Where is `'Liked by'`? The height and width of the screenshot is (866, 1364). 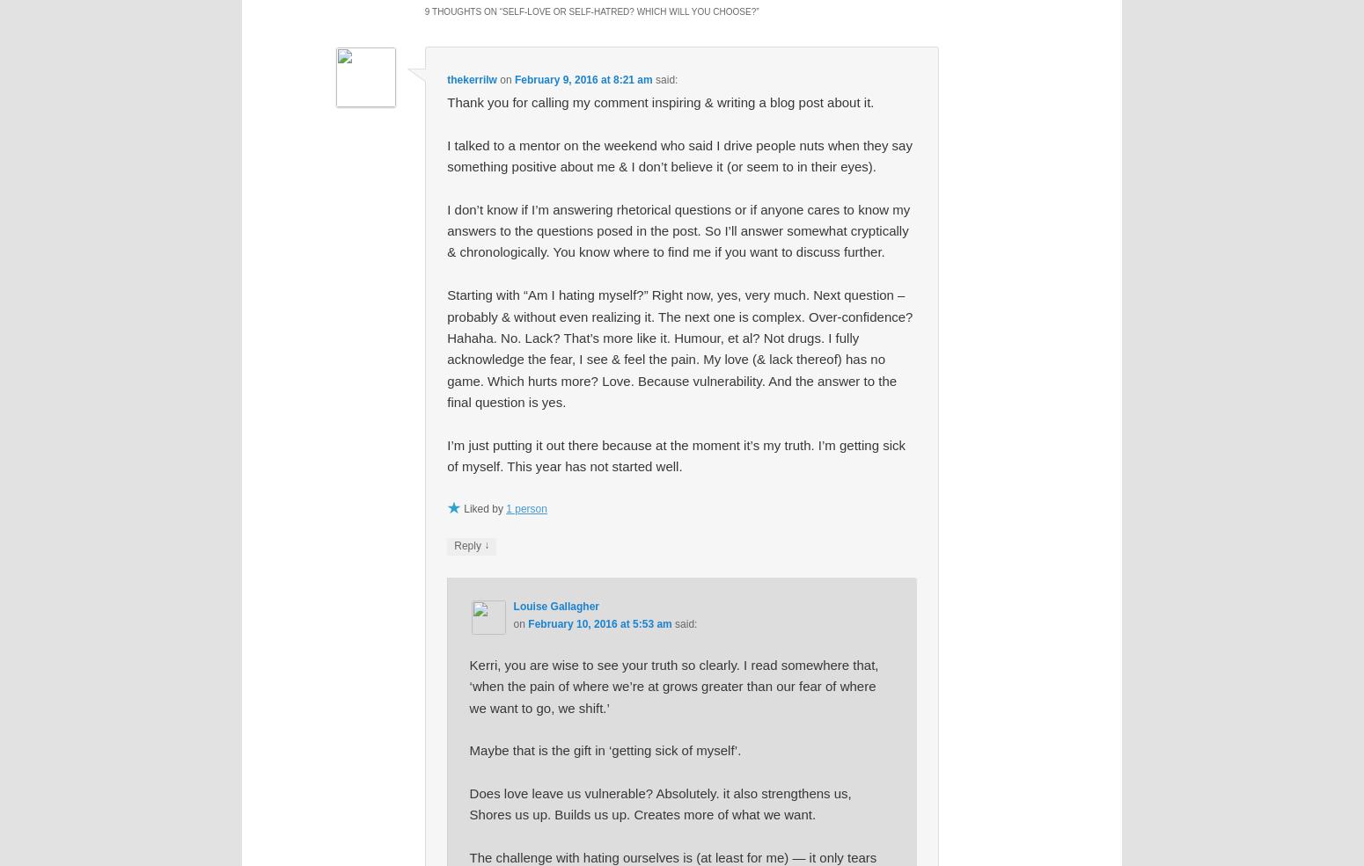 'Liked by' is located at coordinates (485, 507).